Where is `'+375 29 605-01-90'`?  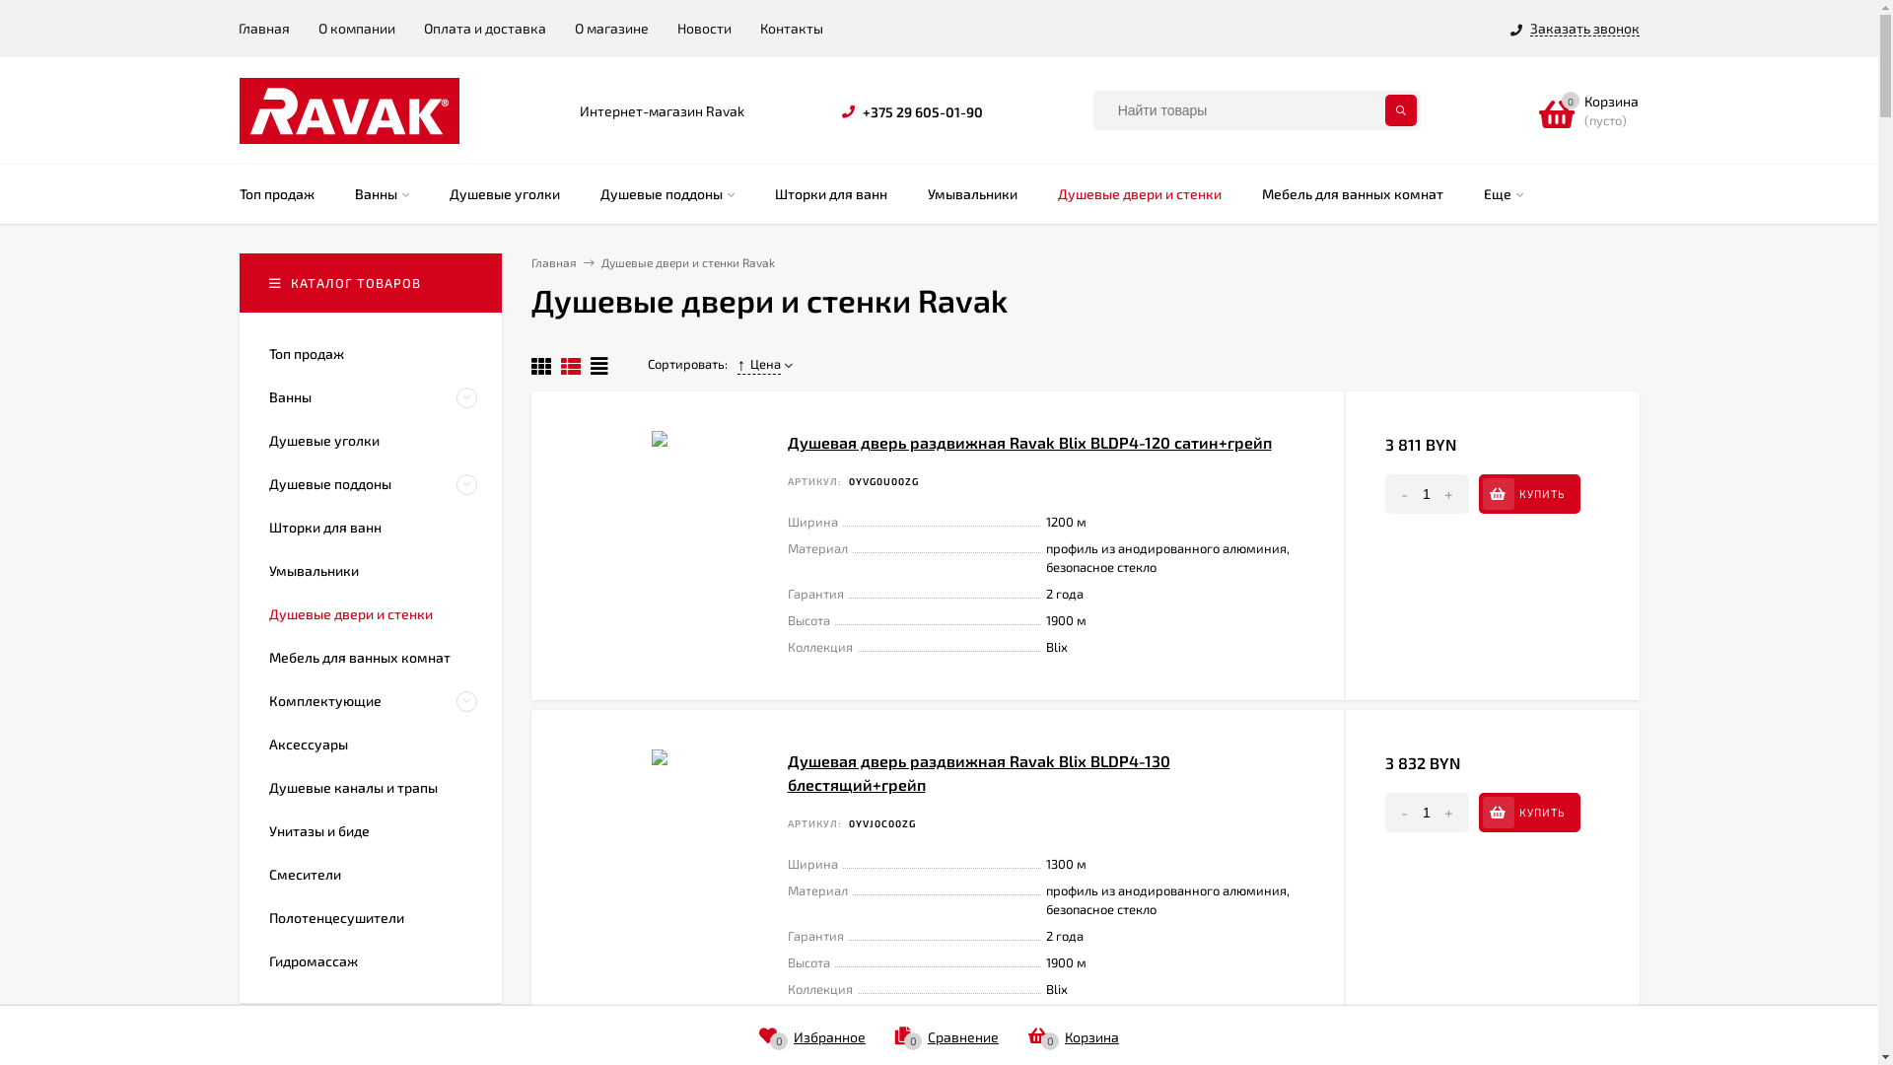
'+375 29 605-01-90' is located at coordinates (862, 111).